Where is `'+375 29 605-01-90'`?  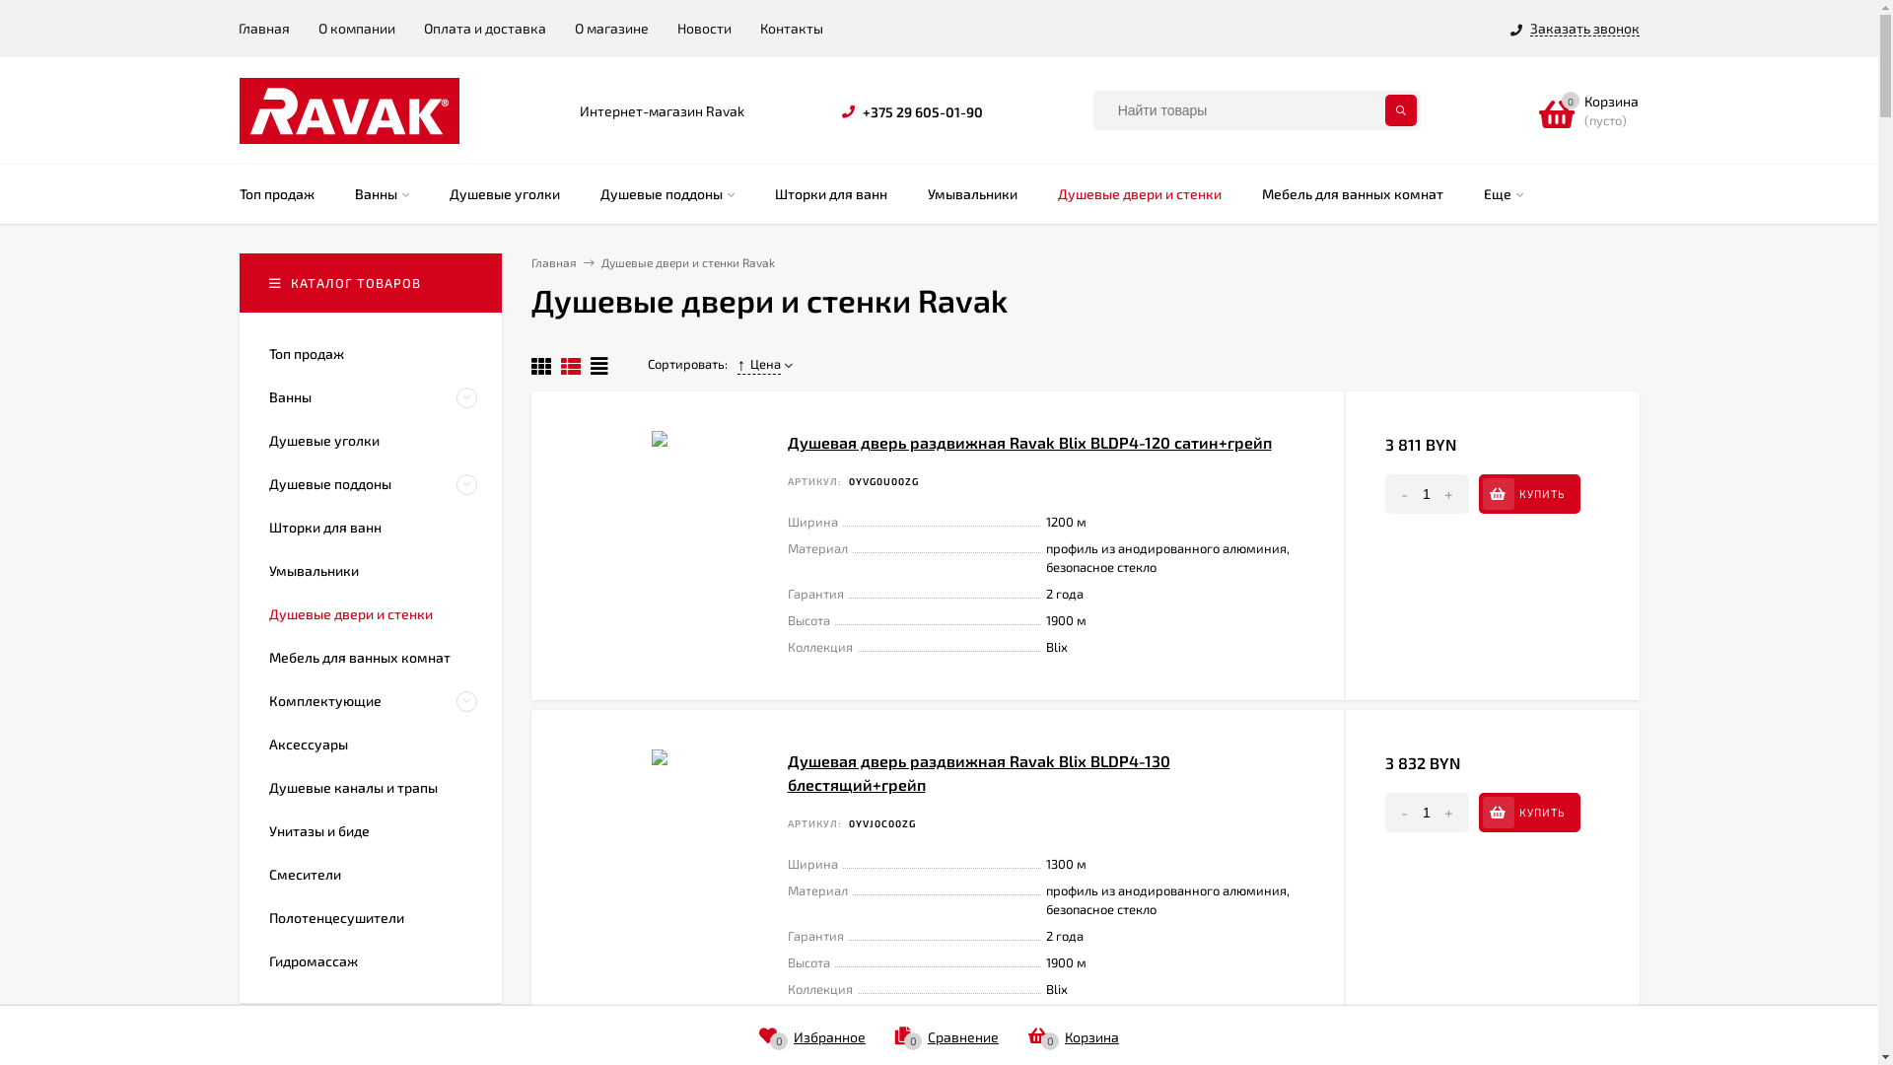
'+375 29 605-01-90' is located at coordinates (862, 111).